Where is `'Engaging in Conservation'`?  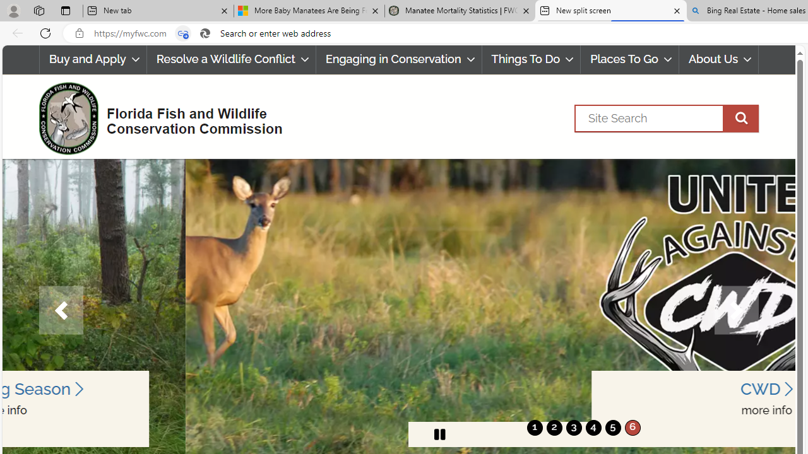
'Engaging in Conservation' is located at coordinates (398, 59).